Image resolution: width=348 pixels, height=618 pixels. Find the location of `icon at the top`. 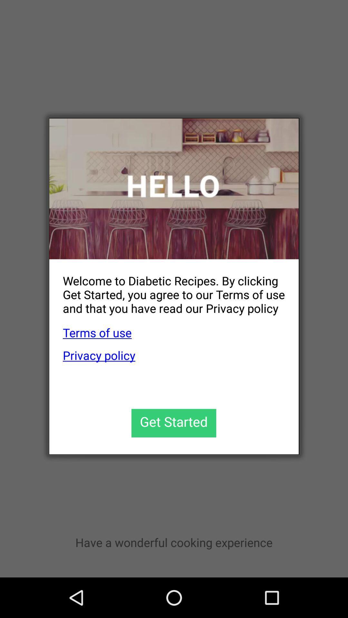

icon at the top is located at coordinates (174, 188).